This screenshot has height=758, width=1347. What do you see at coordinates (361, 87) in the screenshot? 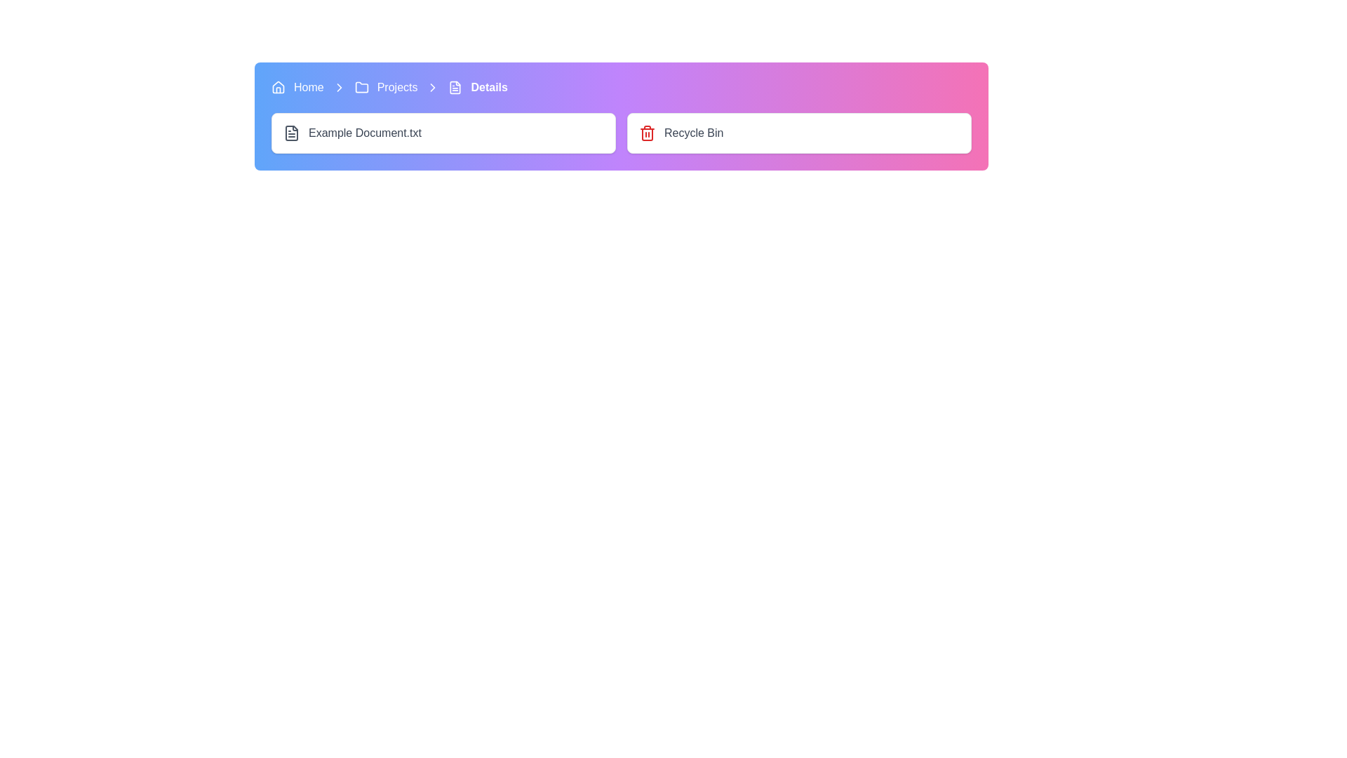
I see `the blue folder-shaped icon located in the navigation bar, positioned between the 'Home' and 'Projects' icons` at bounding box center [361, 87].